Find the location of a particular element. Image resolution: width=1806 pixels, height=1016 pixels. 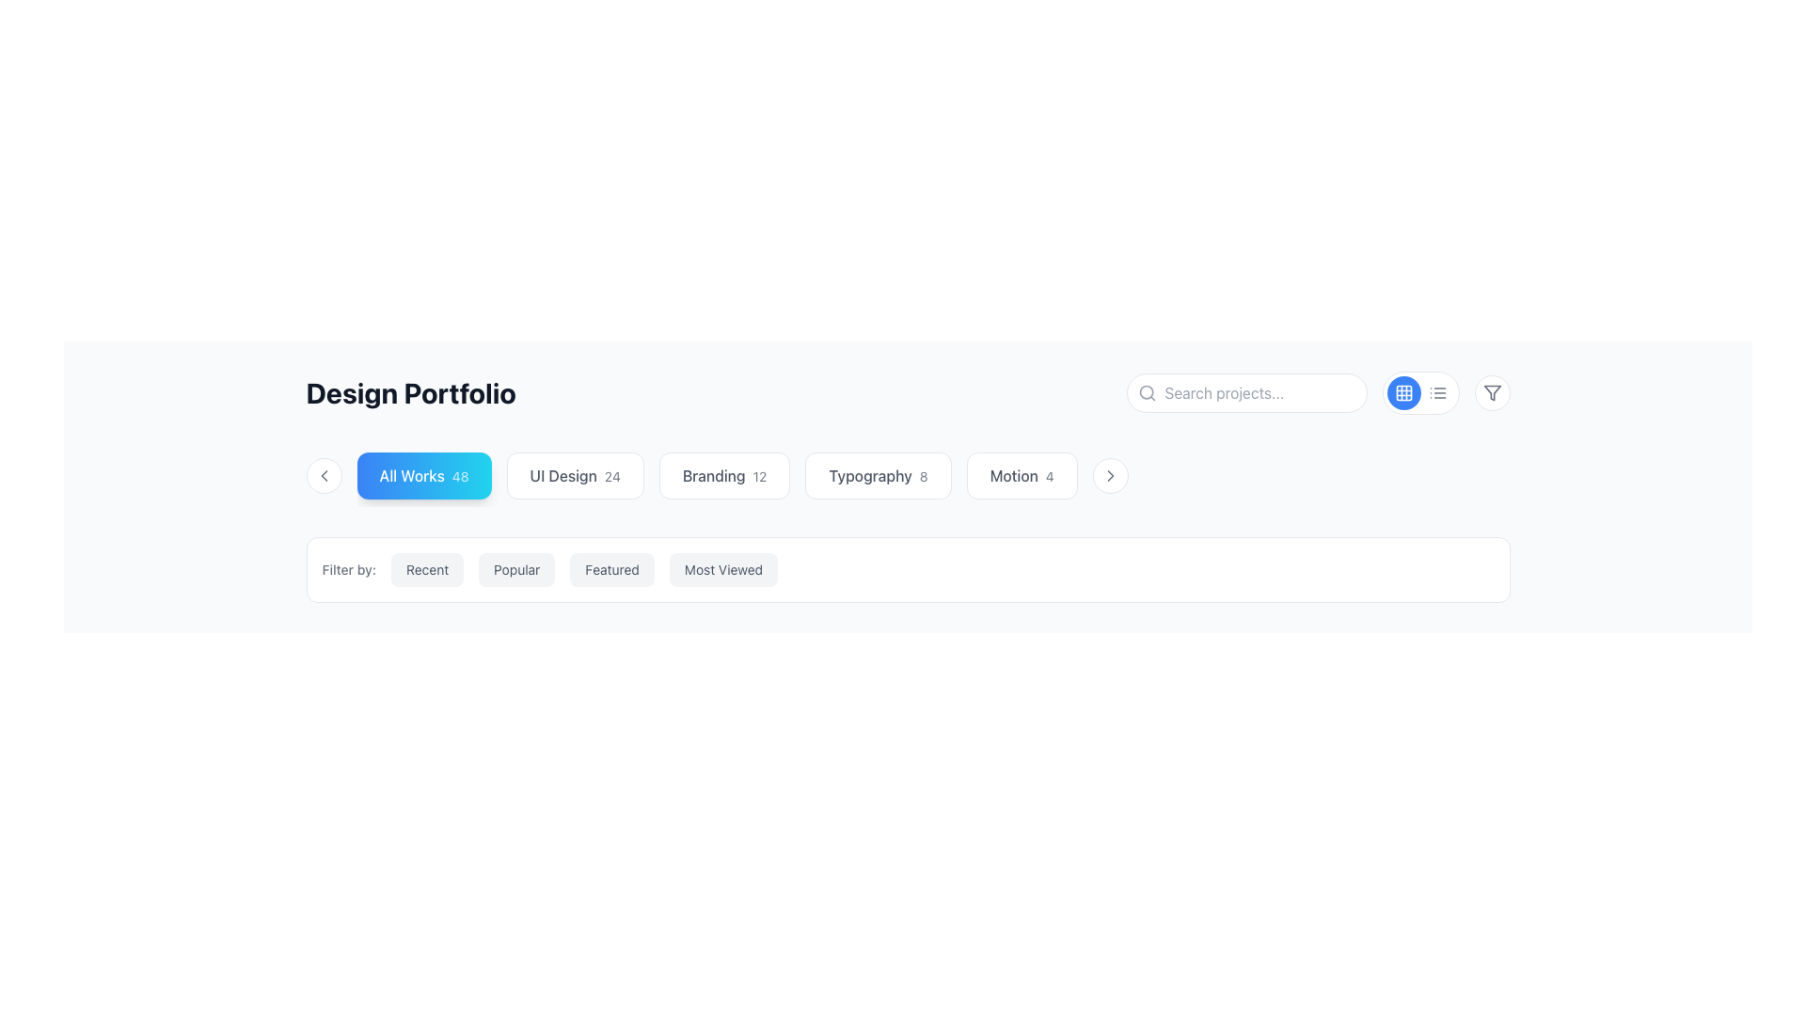

the 'Most Viewed' button, which is the fourth button in the filtering section labeled 'Filter by:' is located at coordinates (722, 568).